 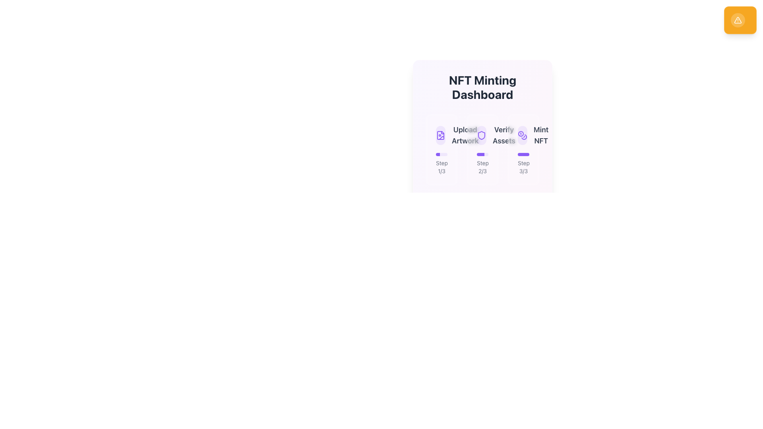 I want to click on the 'Upload Artwork' icon in the NFT Minting Dashboard, which represents the first step in the dashboard's flow, so click(x=441, y=135).